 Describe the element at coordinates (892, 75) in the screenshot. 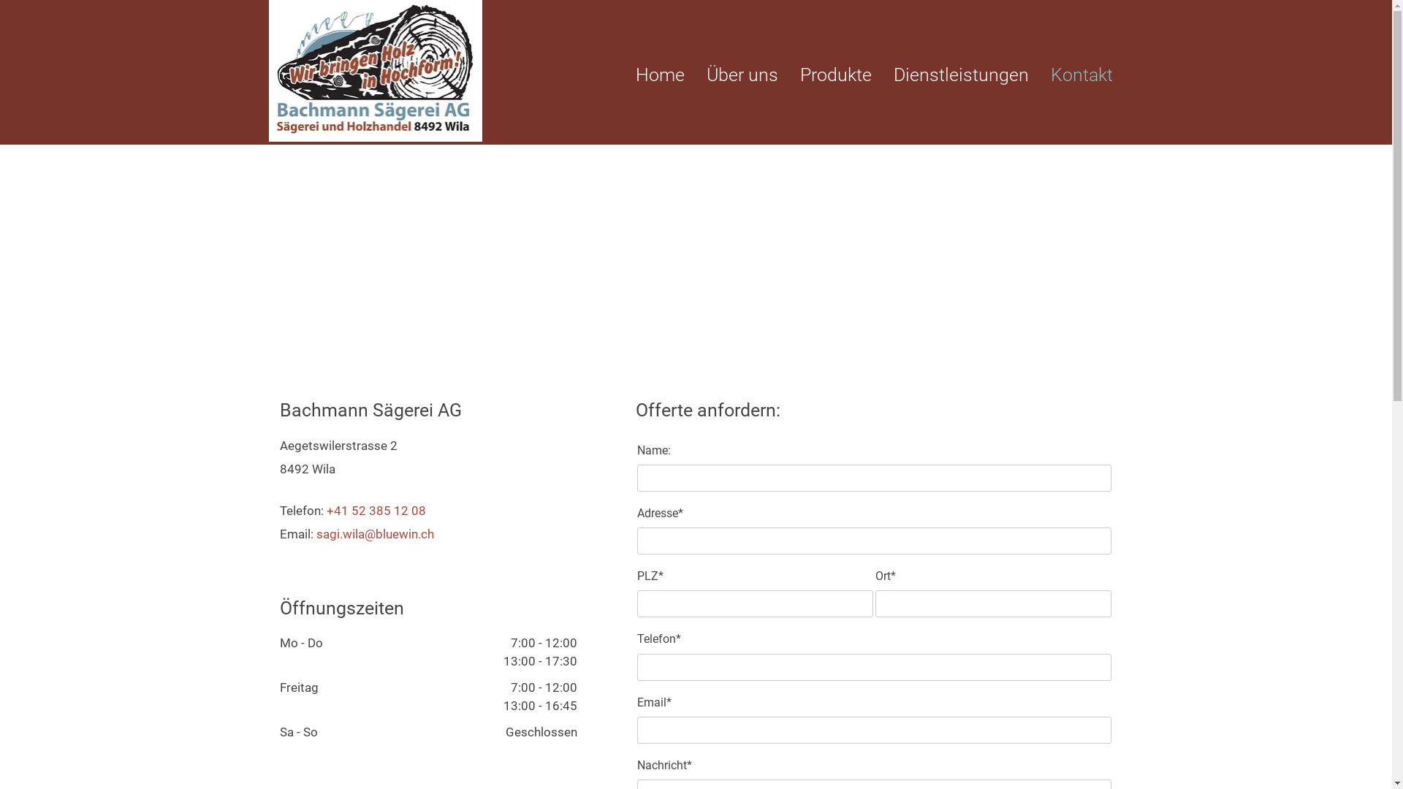

I see `'Dienstleistungen'` at that location.